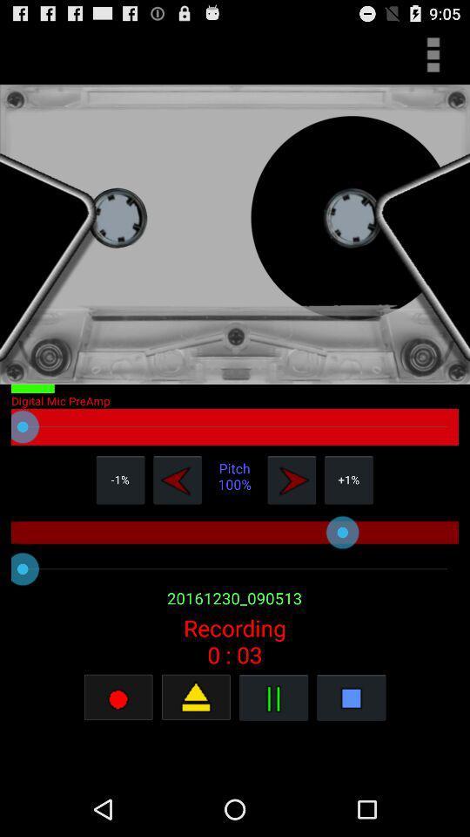 The image size is (470, 837). I want to click on record button, so click(195, 697).